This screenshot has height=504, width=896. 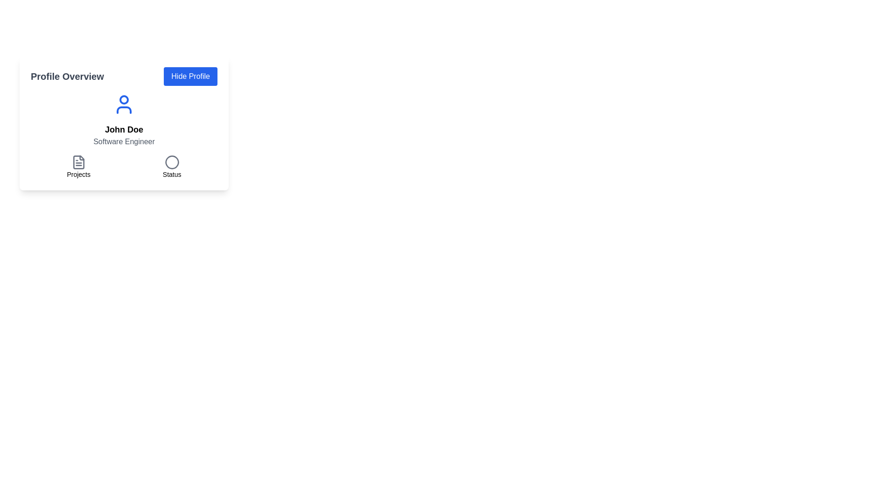 I want to click on the name display field that is located below the user avatar icon and above the role description 'Software Engineer' within the profile overview card, so click(x=123, y=129).